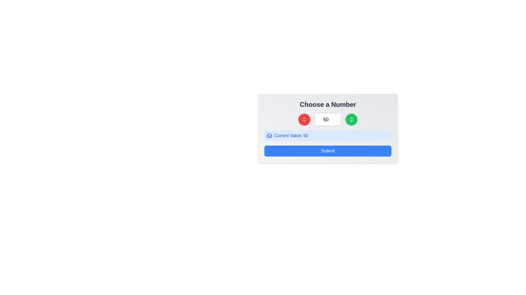 This screenshot has height=295, width=526. What do you see at coordinates (304, 119) in the screenshot?
I see `the SVG icon button styled with a red circular background and upward/downward chevron arrows to decrement the number displayed in the input field` at bounding box center [304, 119].